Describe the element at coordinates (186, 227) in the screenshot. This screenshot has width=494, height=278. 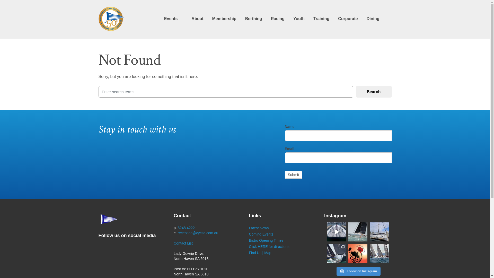
I see `'8248 4222'` at that location.